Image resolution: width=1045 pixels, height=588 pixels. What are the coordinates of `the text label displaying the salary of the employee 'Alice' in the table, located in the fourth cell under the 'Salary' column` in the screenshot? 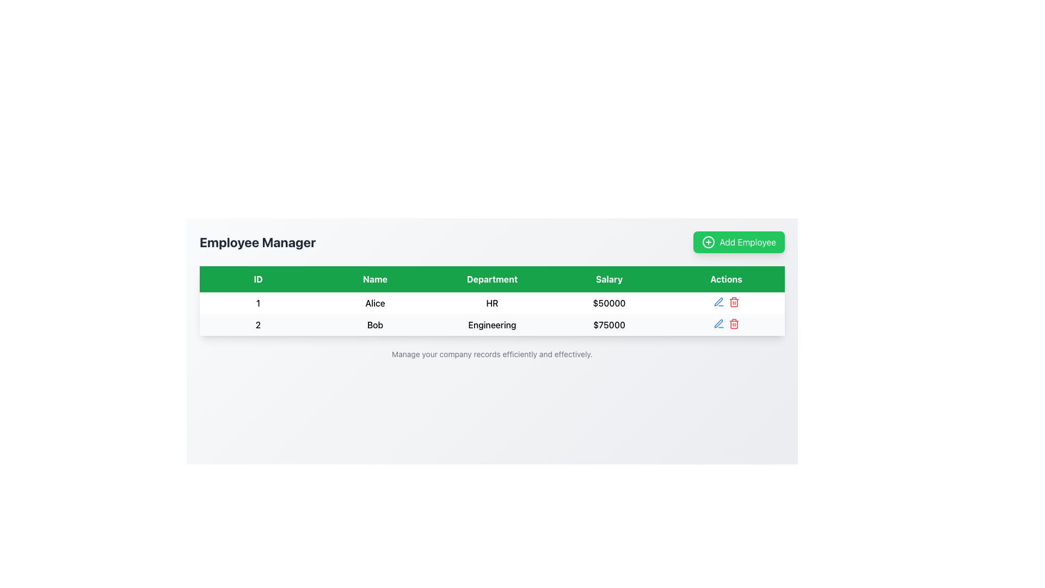 It's located at (608, 303).